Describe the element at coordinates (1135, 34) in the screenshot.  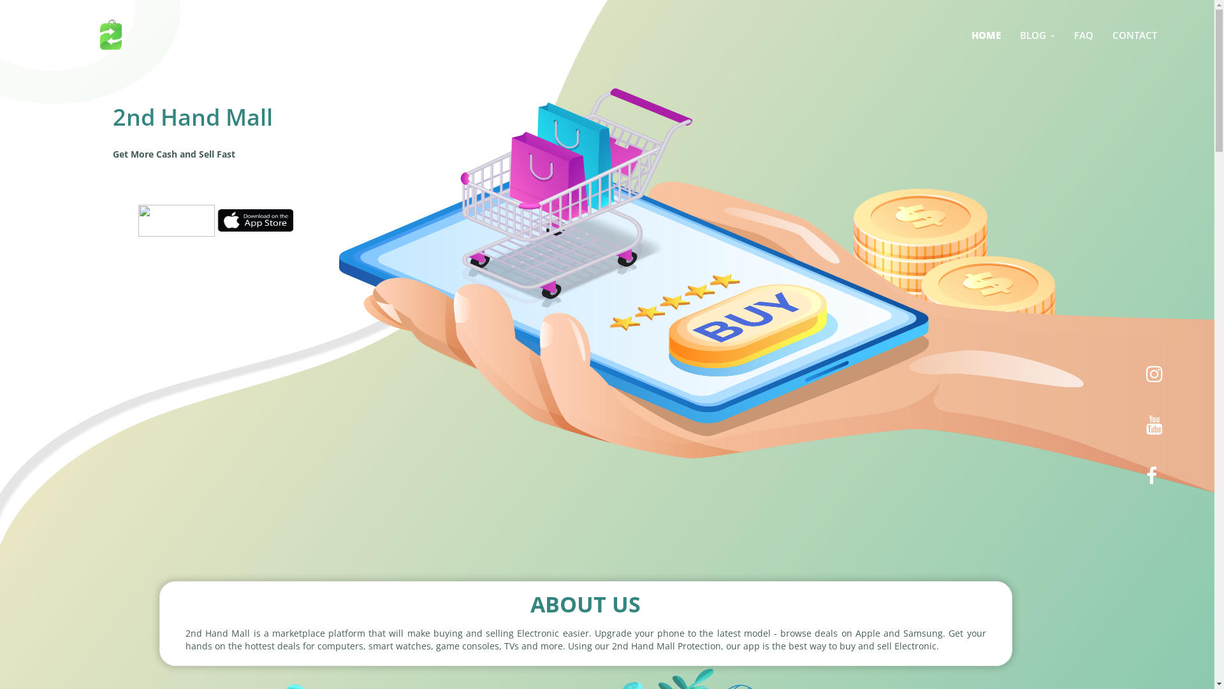
I see `'CONTACT'` at that location.